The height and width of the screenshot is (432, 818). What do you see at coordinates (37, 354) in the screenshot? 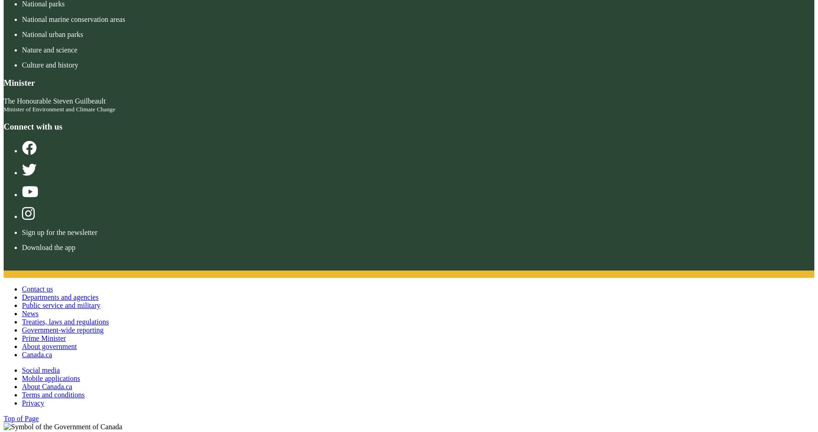
I see `'Canada.ca'` at bounding box center [37, 354].